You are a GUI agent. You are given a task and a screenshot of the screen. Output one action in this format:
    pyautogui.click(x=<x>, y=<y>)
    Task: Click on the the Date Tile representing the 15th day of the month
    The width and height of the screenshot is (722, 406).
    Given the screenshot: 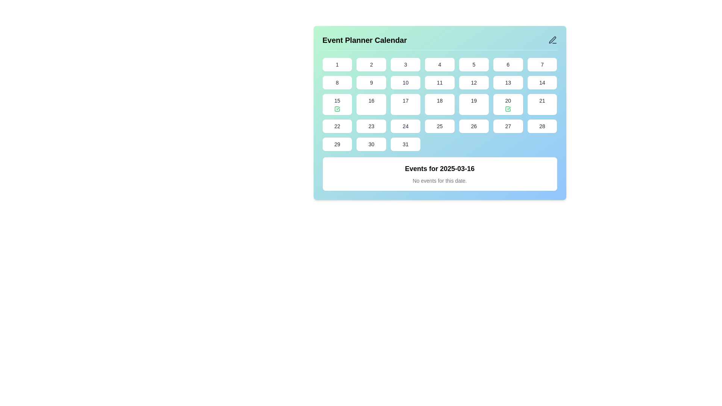 What is the action you would take?
    pyautogui.click(x=337, y=104)
    